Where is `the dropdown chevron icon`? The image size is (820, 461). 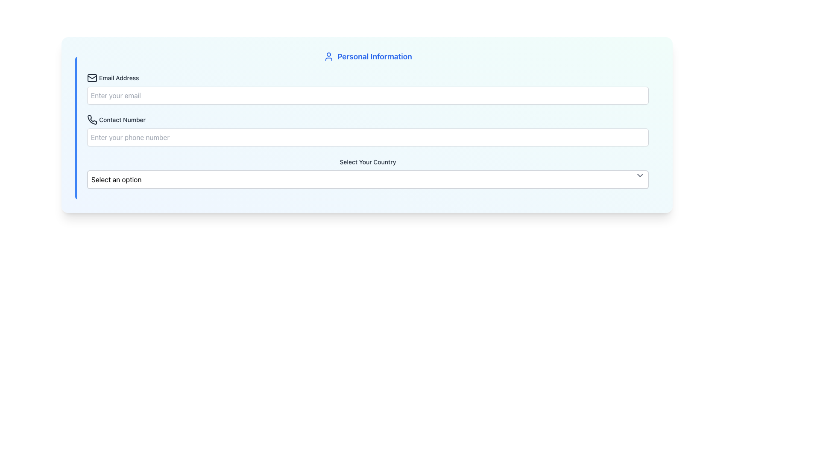 the dropdown chevron icon is located at coordinates (640, 175).